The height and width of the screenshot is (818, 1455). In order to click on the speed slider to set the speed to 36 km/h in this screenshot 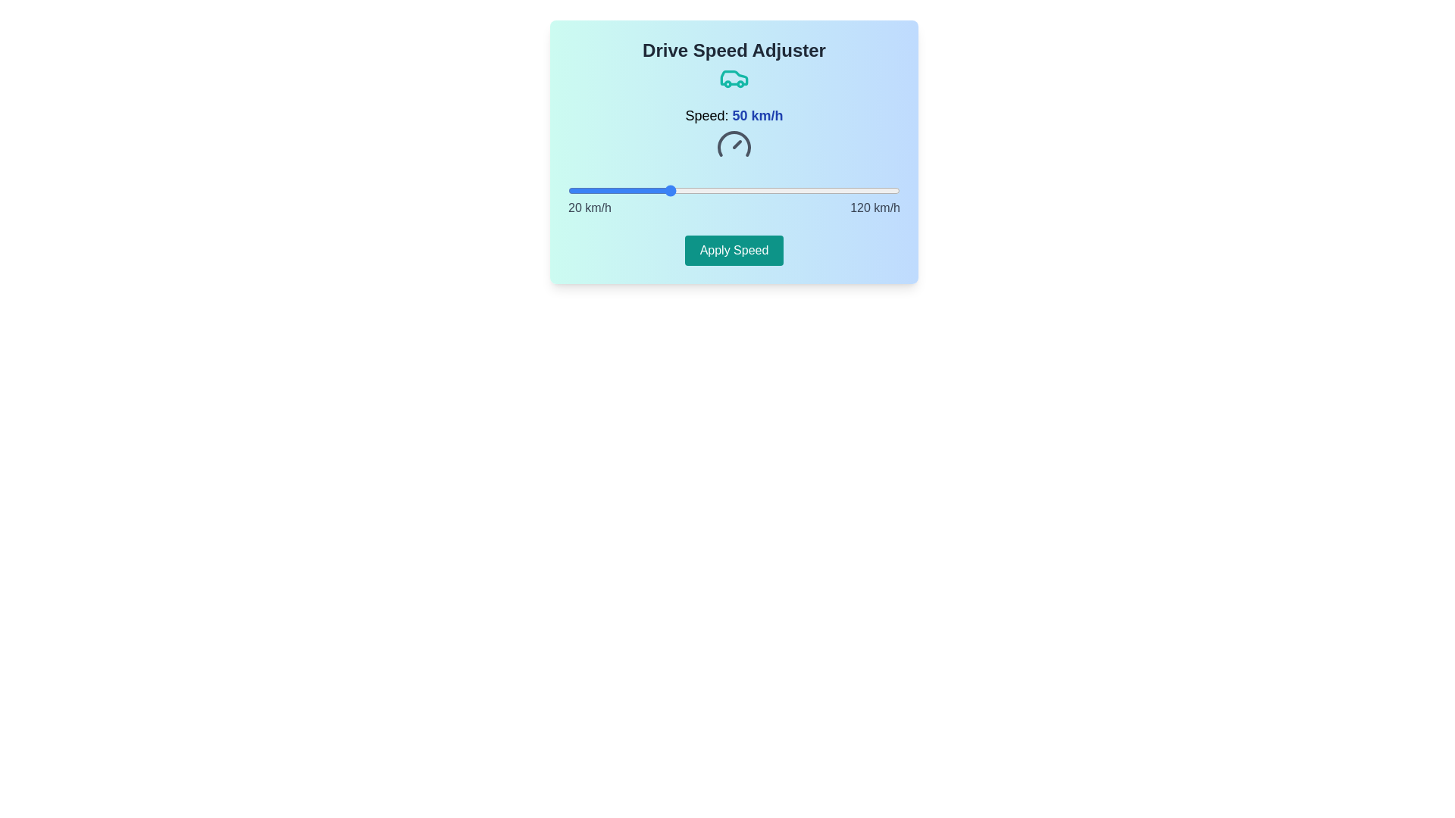, I will do `click(621, 189)`.